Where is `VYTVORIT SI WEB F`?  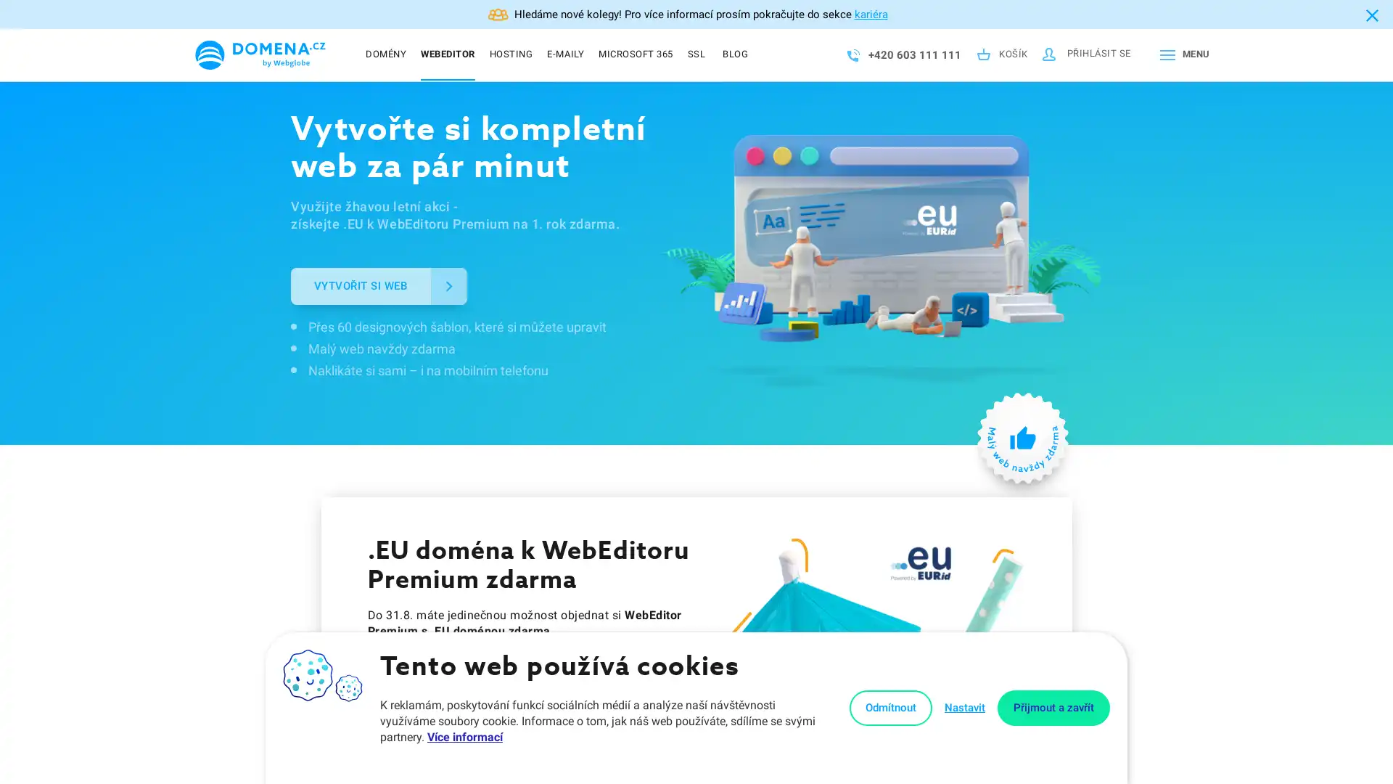 VYTVORIT SI WEB F is located at coordinates (379, 285).